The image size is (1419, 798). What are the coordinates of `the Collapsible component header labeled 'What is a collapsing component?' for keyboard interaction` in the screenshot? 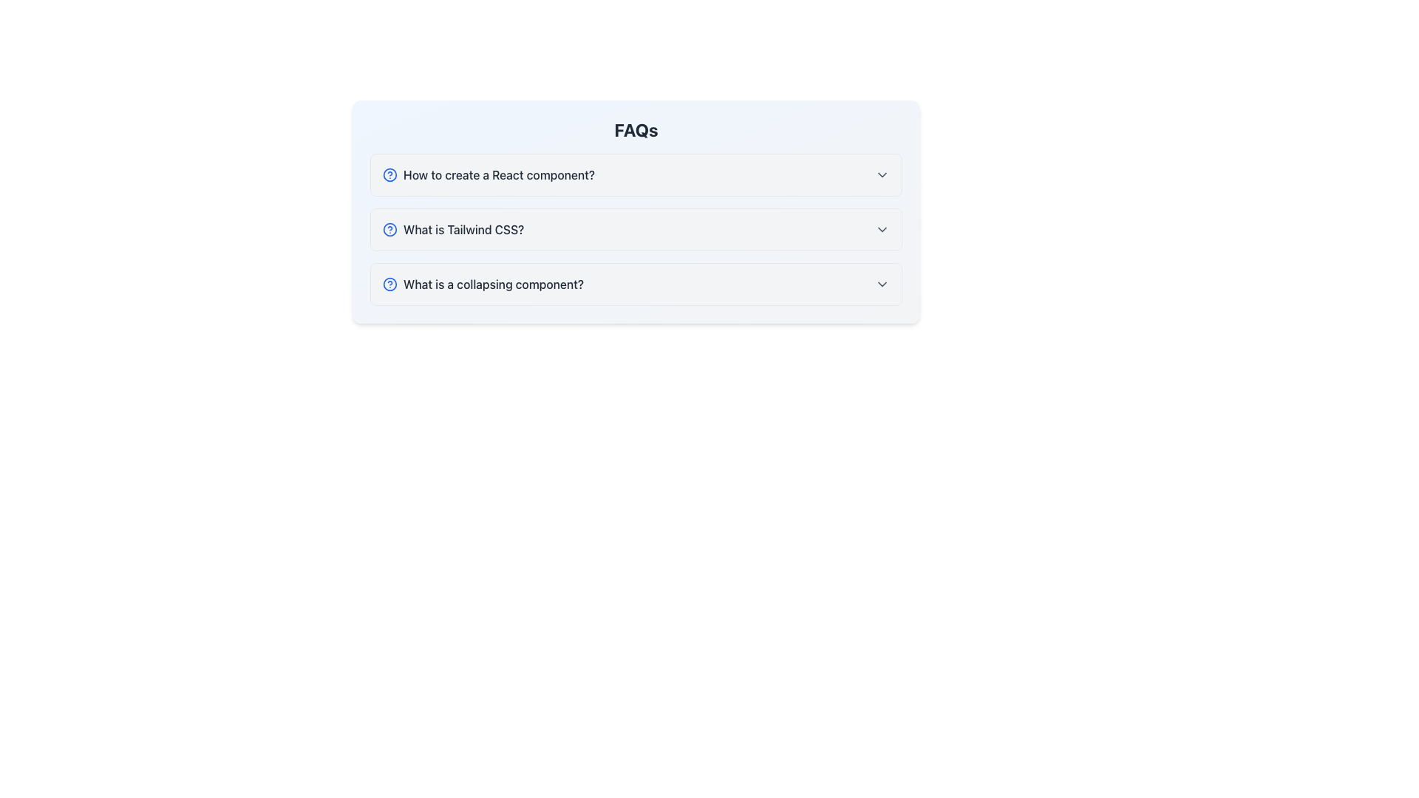 It's located at (636, 284).